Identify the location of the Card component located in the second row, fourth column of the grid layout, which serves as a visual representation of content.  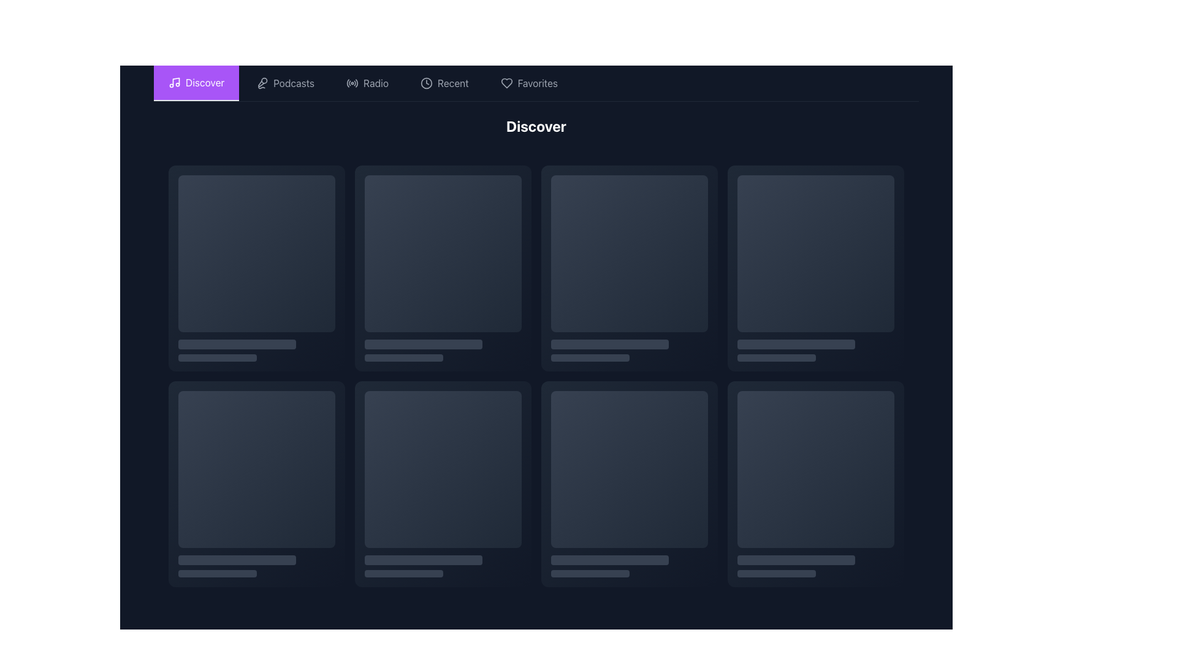
(630, 484).